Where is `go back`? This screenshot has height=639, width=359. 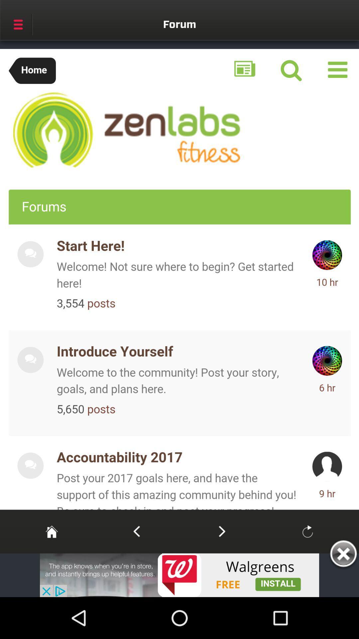
go back is located at coordinates (136, 531).